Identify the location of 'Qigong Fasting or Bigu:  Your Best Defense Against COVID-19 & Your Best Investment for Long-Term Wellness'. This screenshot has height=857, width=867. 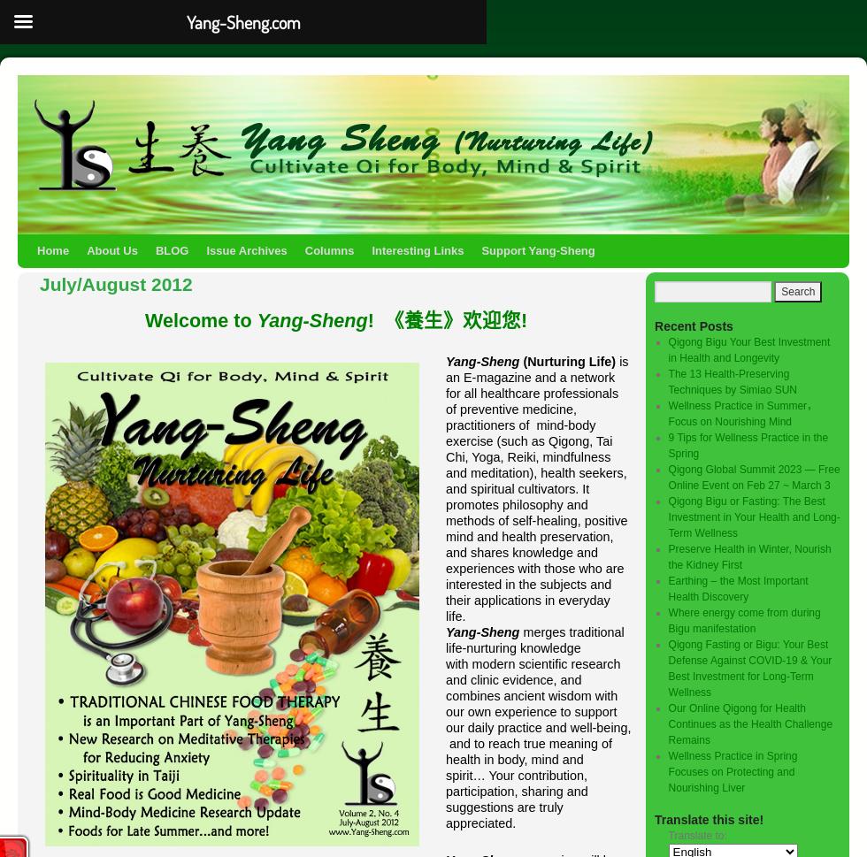
(749, 668).